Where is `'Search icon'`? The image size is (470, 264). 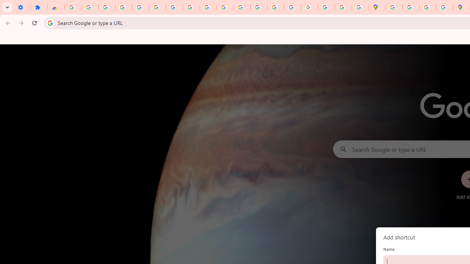 'Search icon' is located at coordinates (50, 22).